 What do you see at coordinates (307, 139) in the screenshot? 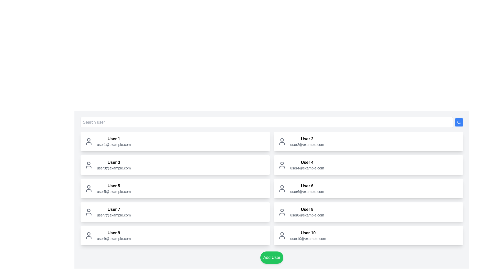
I see `the static text label that displays the user's name, located in the right column of the user list, specifically above the email 'user2@example.com' and next to the user icon` at bounding box center [307, 139].